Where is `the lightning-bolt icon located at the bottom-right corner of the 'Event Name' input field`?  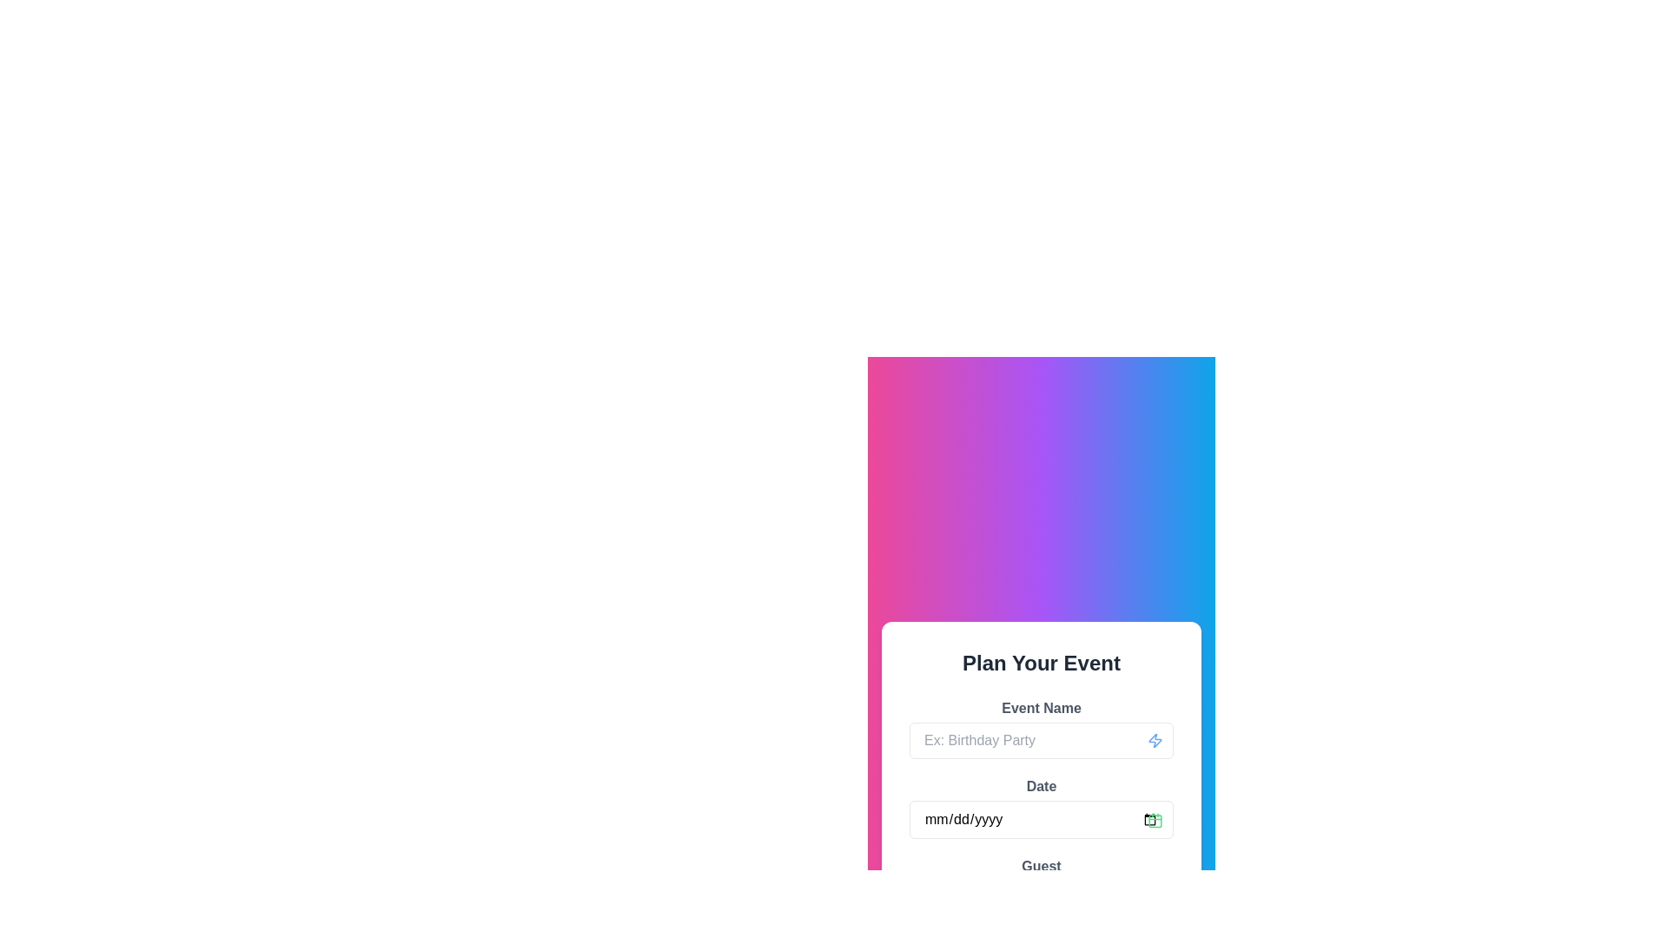 the lightning-bolt icon located at the bottom-right corner of the 'Event Name' input field is located at coordinates (1155, 740).